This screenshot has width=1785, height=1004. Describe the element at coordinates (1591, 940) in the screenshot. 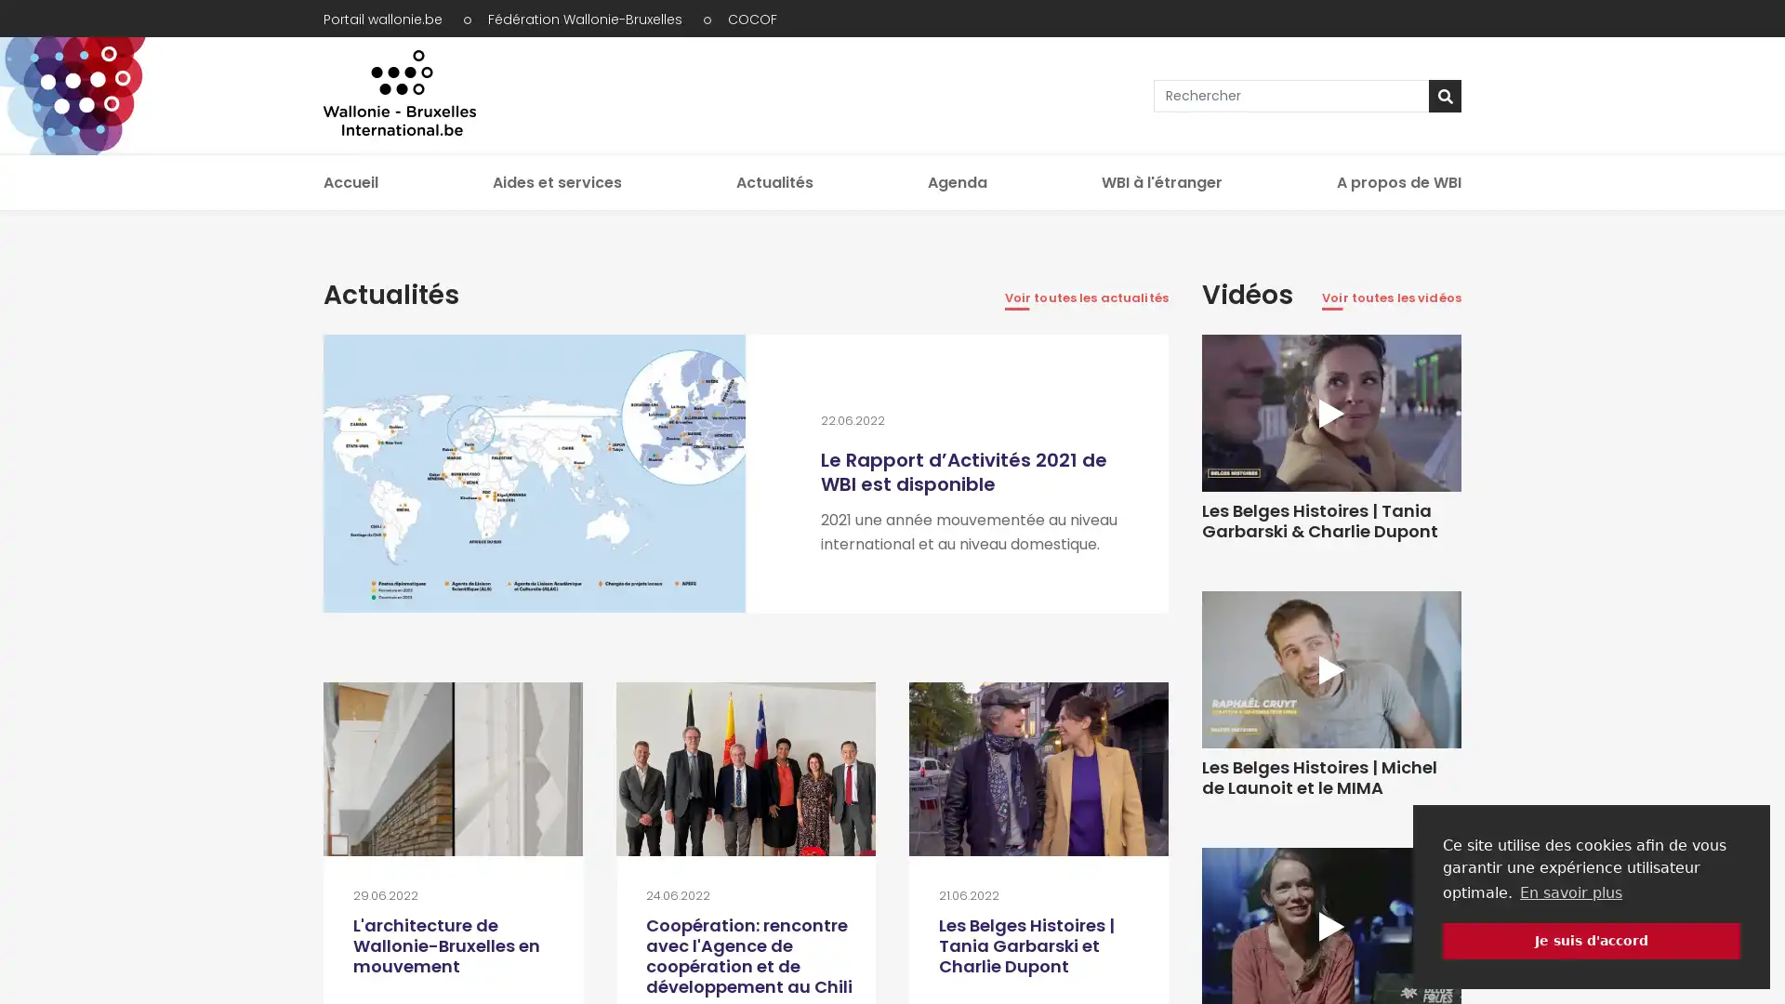

I see `dismiss cookie message` at that location.